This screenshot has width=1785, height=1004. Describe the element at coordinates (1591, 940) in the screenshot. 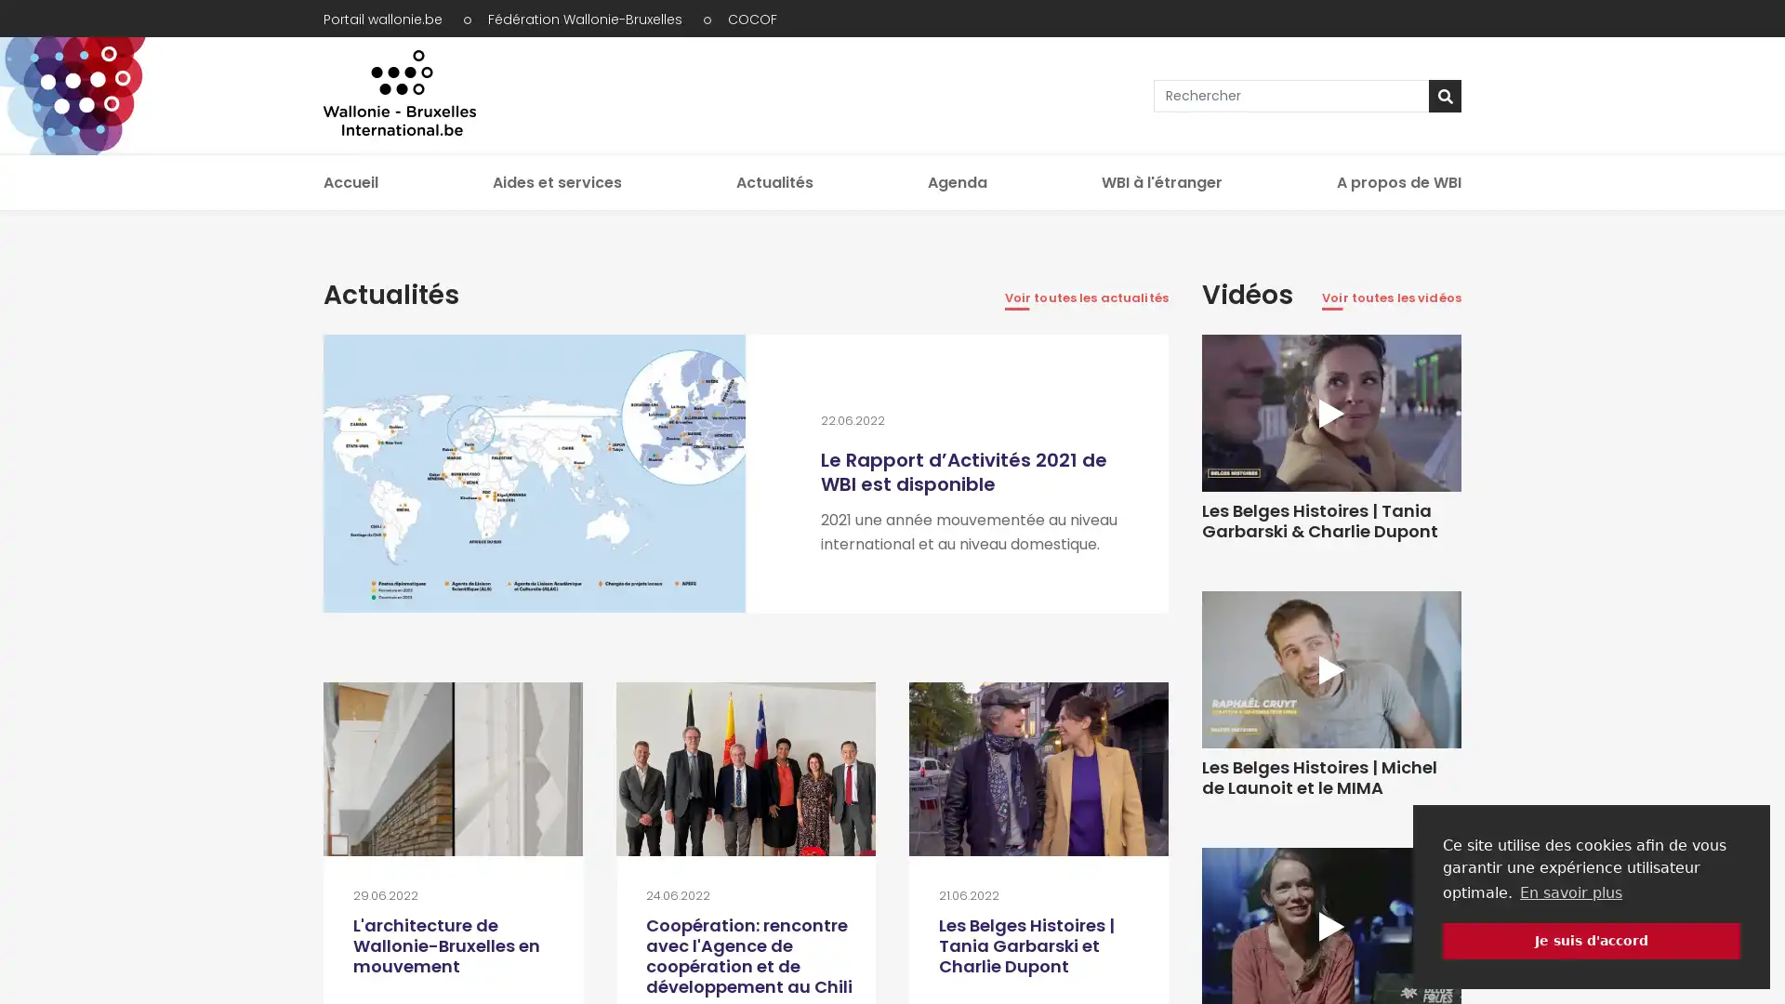

I see `dismiss cookie message` at that location.